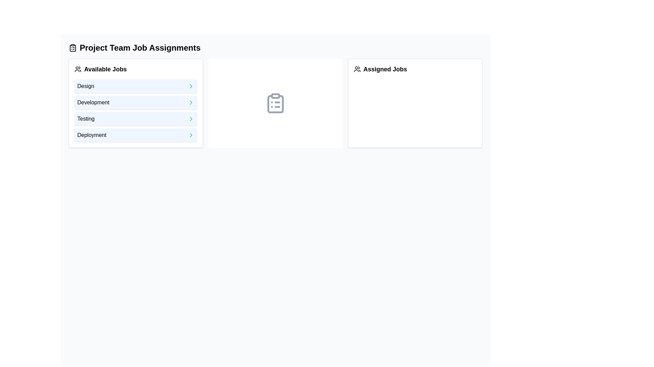 The width and height of the screenshot is (654, 367). I want to click on the green right-arrow chevron icon located at the end of the 'Development' row in the 'Available Jobs' section, so click(191, 102).